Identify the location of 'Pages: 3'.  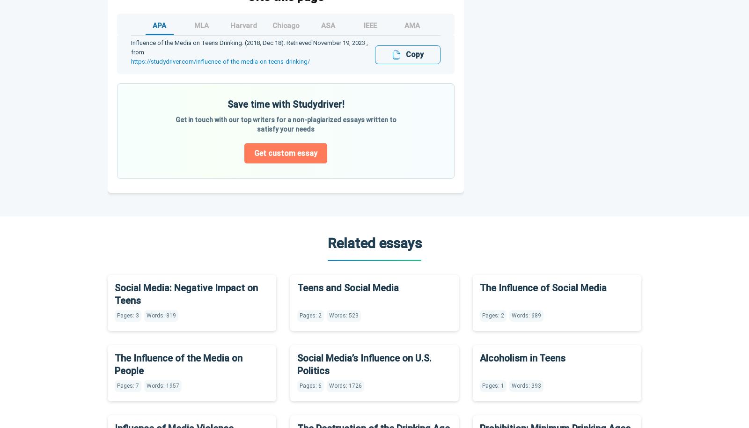
(128, 315).